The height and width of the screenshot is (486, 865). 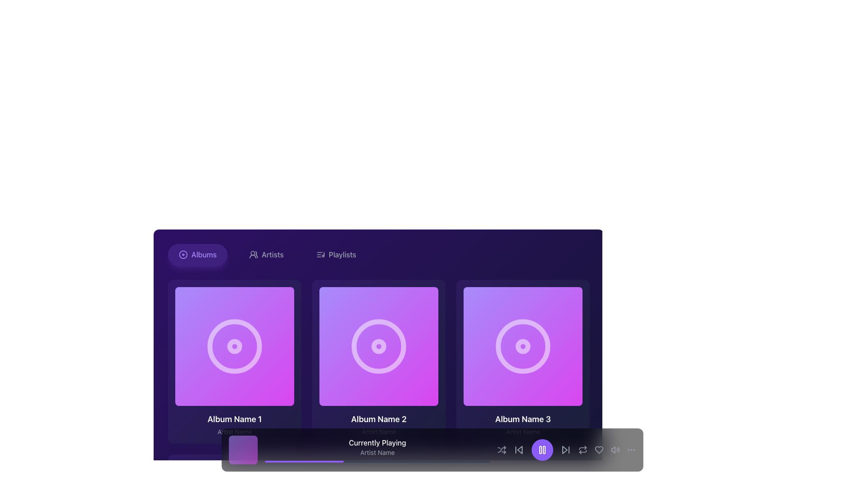 I want to click on the slider, so click(x=429, y=462).